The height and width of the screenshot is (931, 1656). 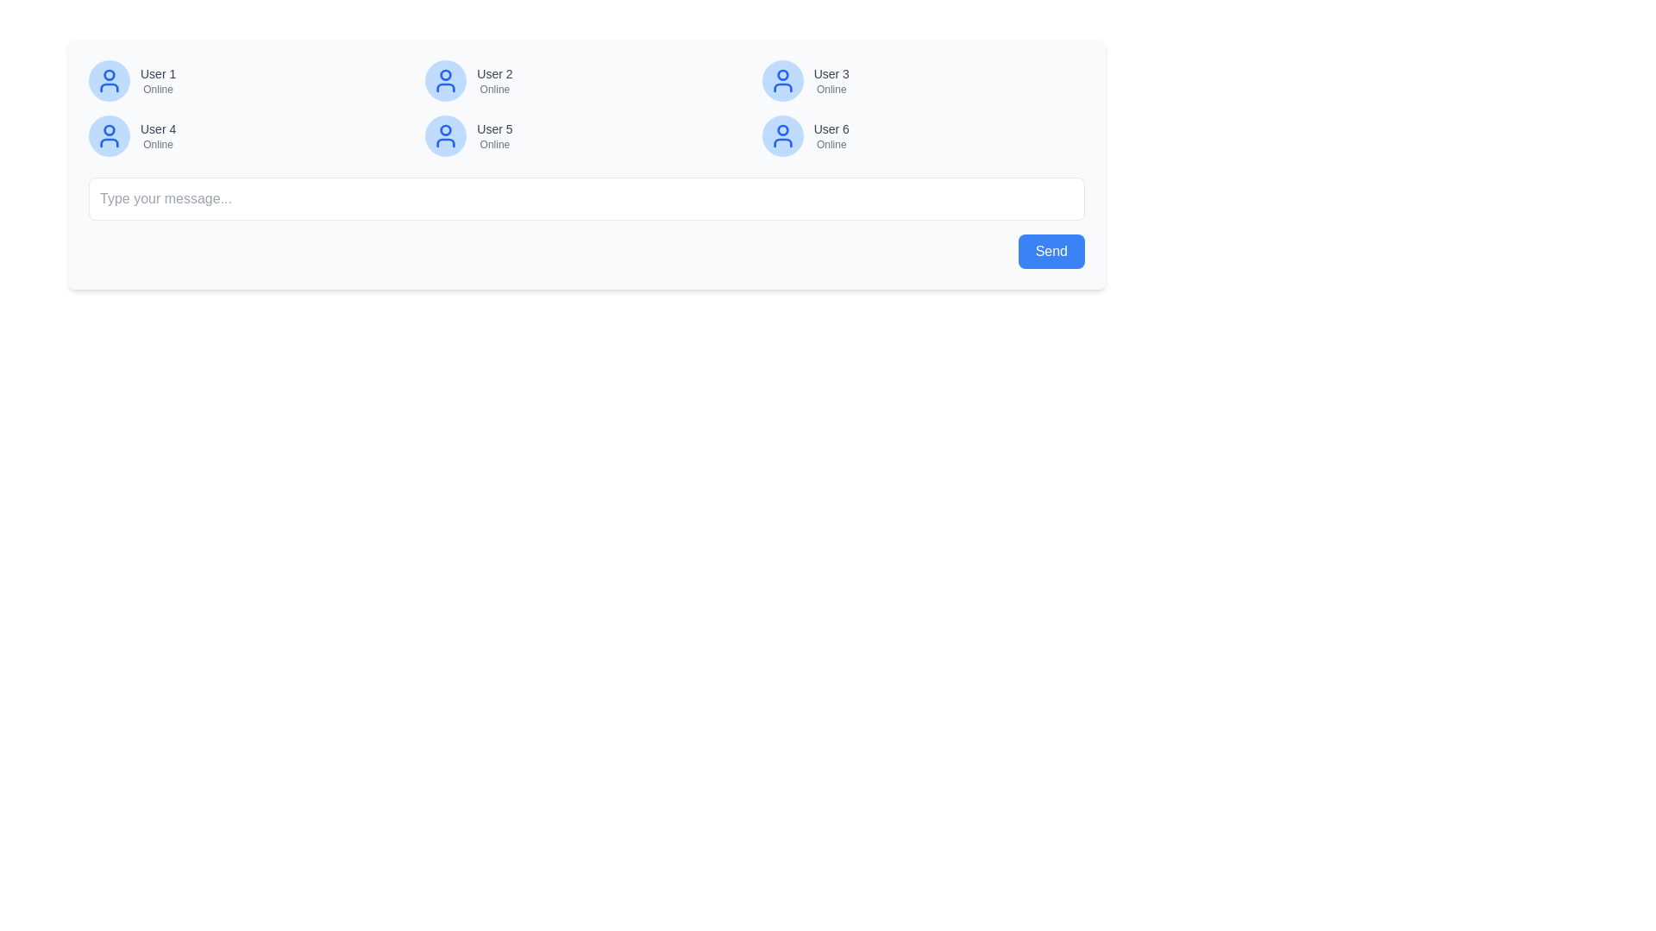 What do you see at coordinates (831, 72) in the screenshot?
I see `the 'User 3' text label in the top-right region of the user list` at bounding box center [831, 72].